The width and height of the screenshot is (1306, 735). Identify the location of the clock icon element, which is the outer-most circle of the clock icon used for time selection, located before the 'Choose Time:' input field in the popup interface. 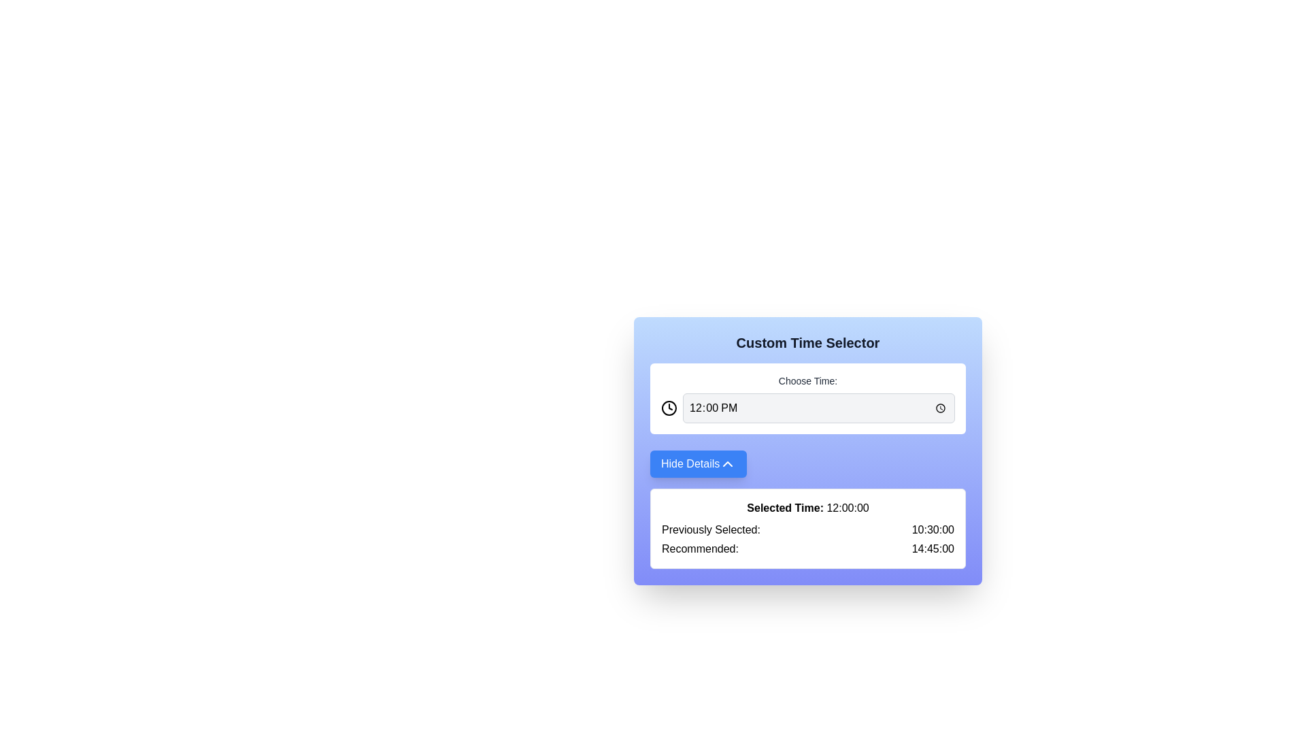
(669, 408).